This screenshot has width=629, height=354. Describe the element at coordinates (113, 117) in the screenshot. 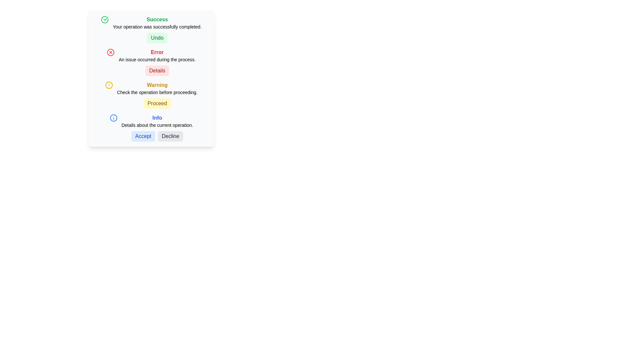

I see `the blue circular outline that is part of the informational icon located at the bottom of the panel` at that location.